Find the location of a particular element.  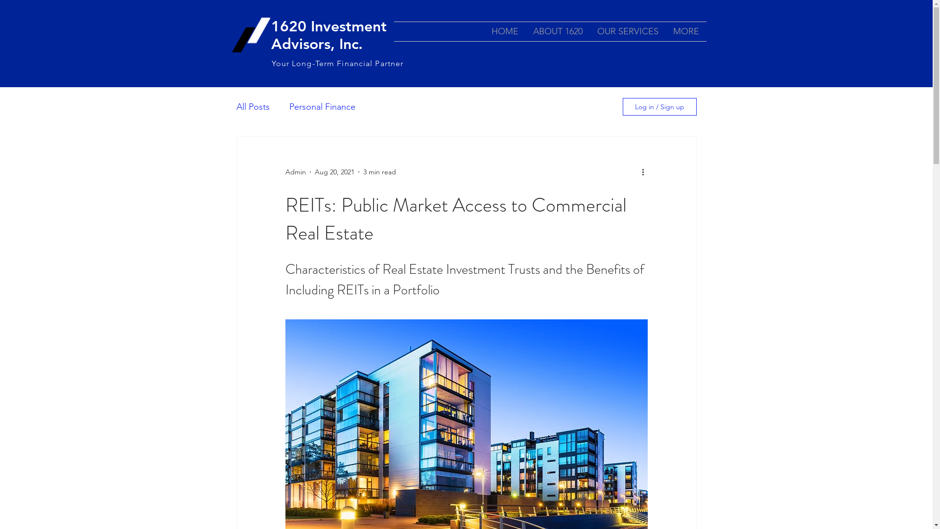

'Your Long-Term Financial Partner' is located at coordinates (337, 63).